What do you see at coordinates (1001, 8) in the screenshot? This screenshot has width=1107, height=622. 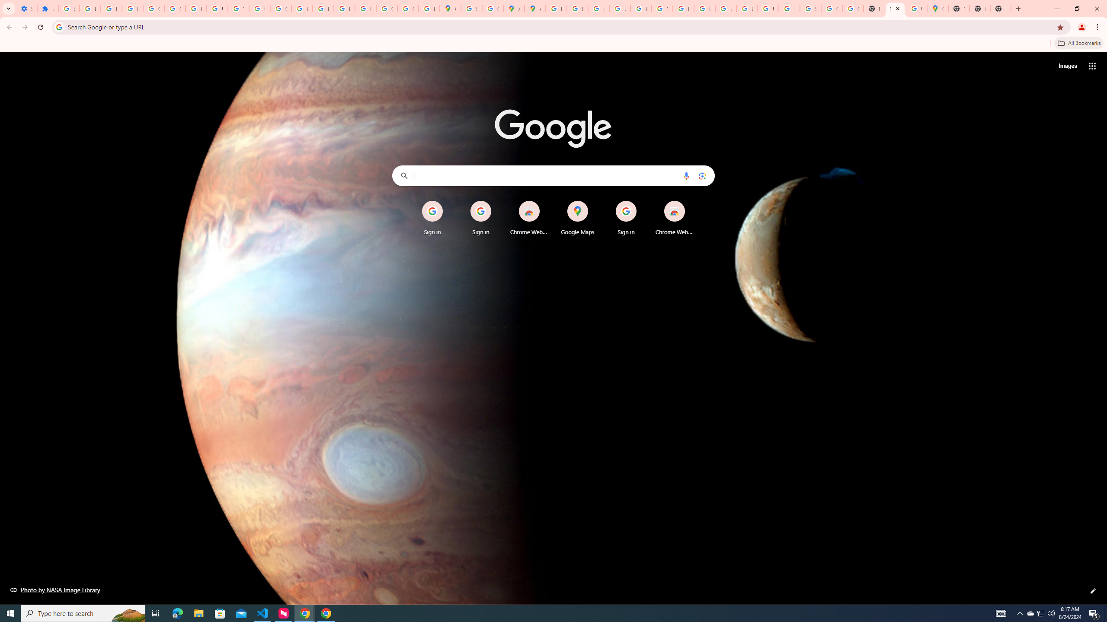 I see `'New Tab'` at bounding box center [1001, 8].